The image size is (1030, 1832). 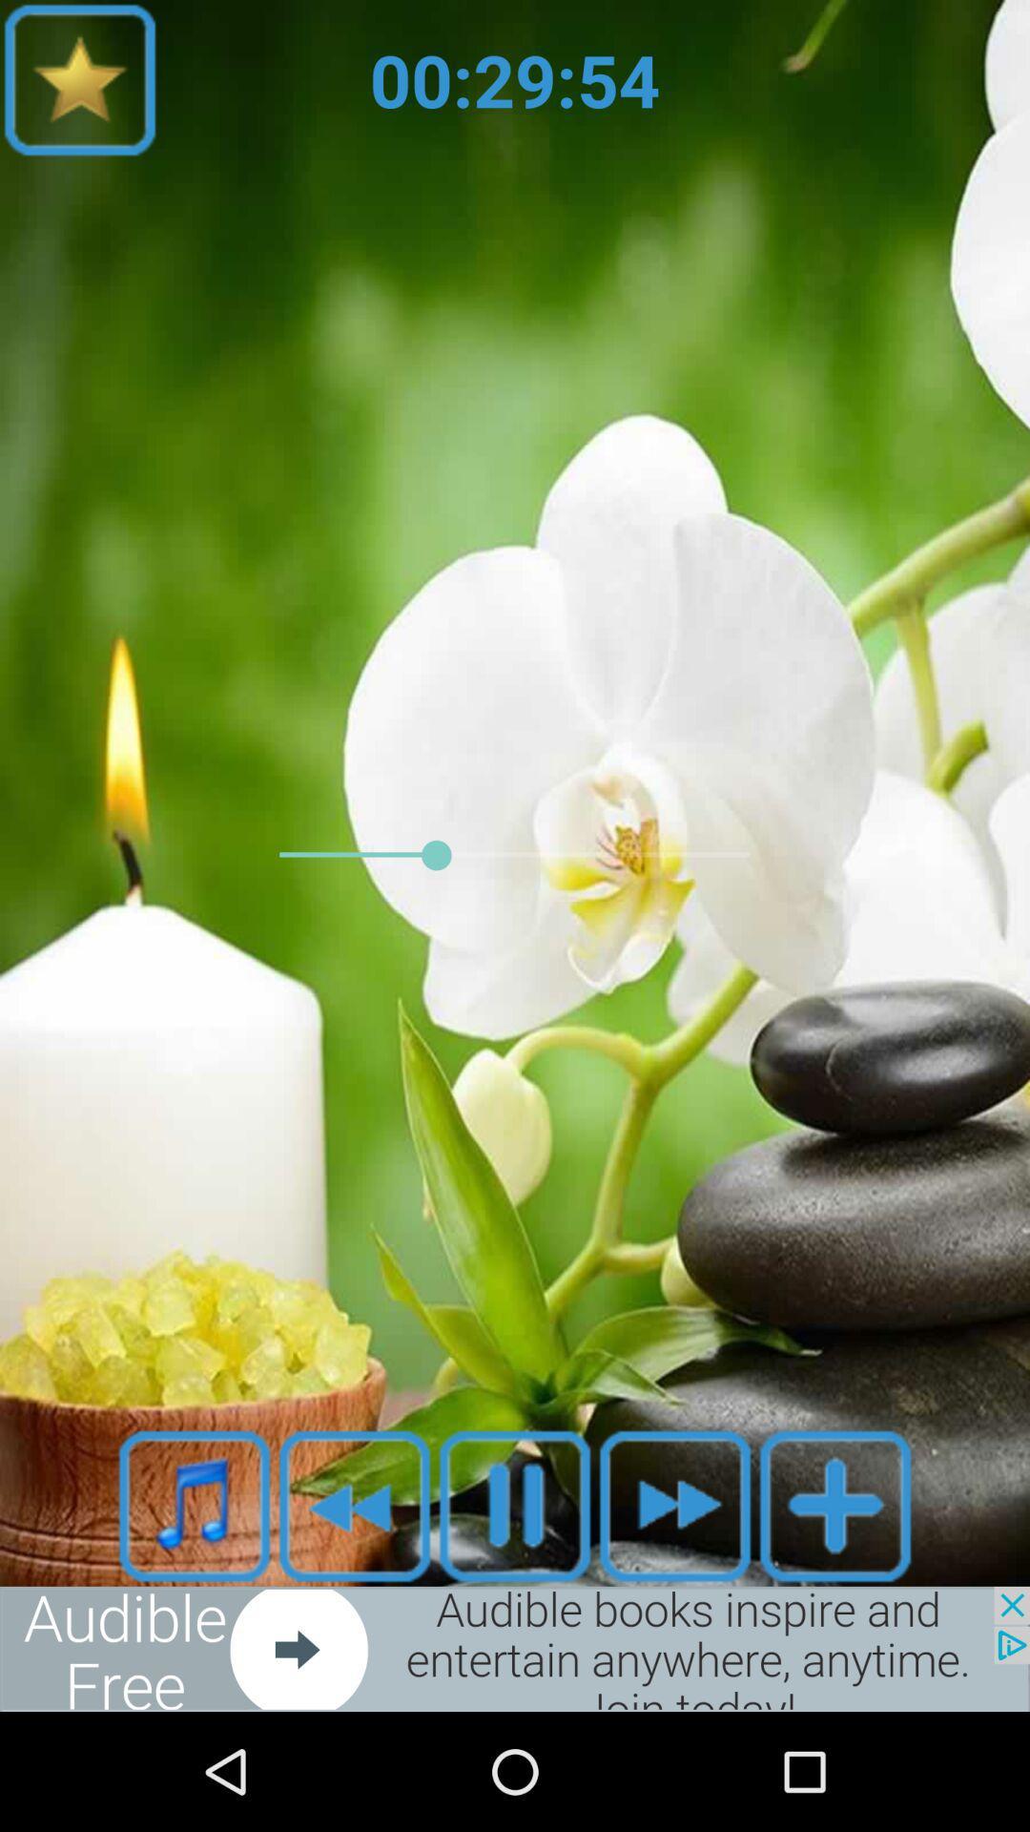 What do you see at coordinates (834, 1505) in the screenshot?
I see `the add icon` at bounding box center [834, 1505].